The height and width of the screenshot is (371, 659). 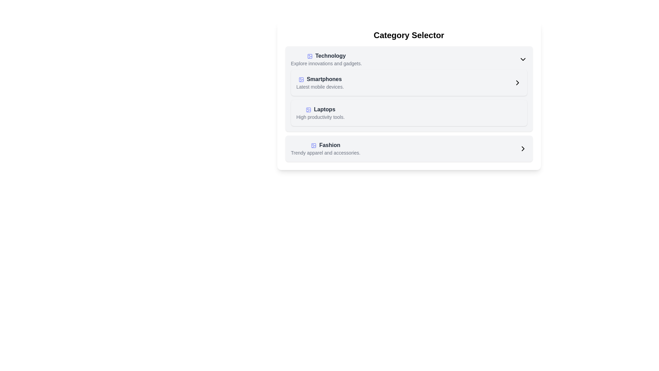 What do you see at coordinates (320, 112) in the screenshot?
I see `the 'Laptops' category list item, which has a blue icon on the left and bold text reading 'Laptops'` at bounding box center [320, 112].